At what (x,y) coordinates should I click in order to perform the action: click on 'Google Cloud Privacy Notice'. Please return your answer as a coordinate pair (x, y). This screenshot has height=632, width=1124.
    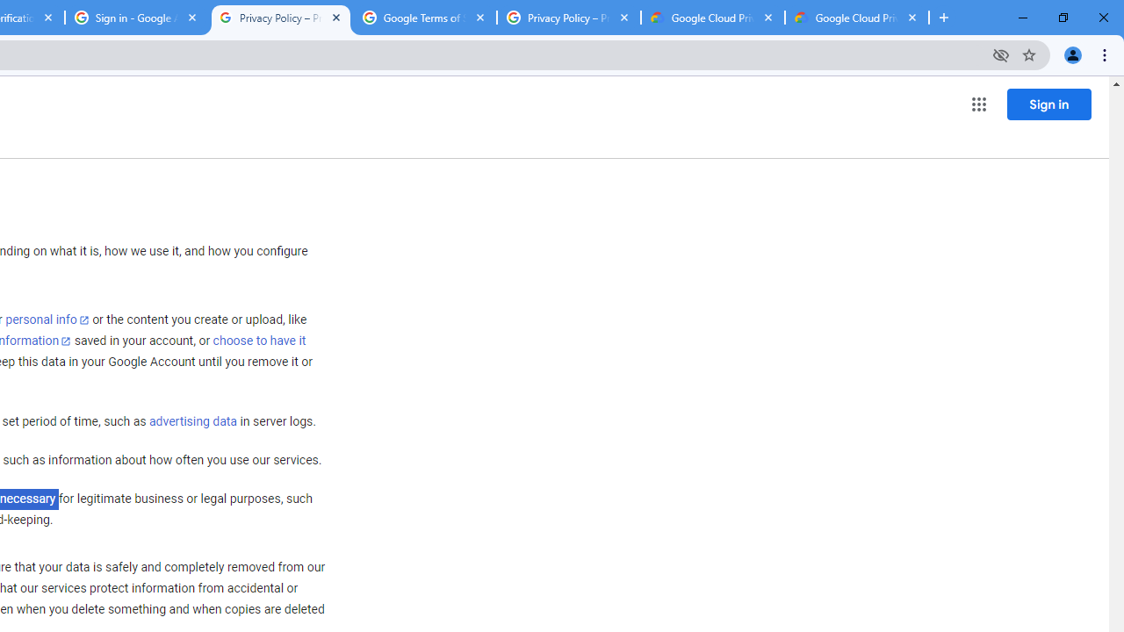
    Looking at the image, I should click on (712, 18).